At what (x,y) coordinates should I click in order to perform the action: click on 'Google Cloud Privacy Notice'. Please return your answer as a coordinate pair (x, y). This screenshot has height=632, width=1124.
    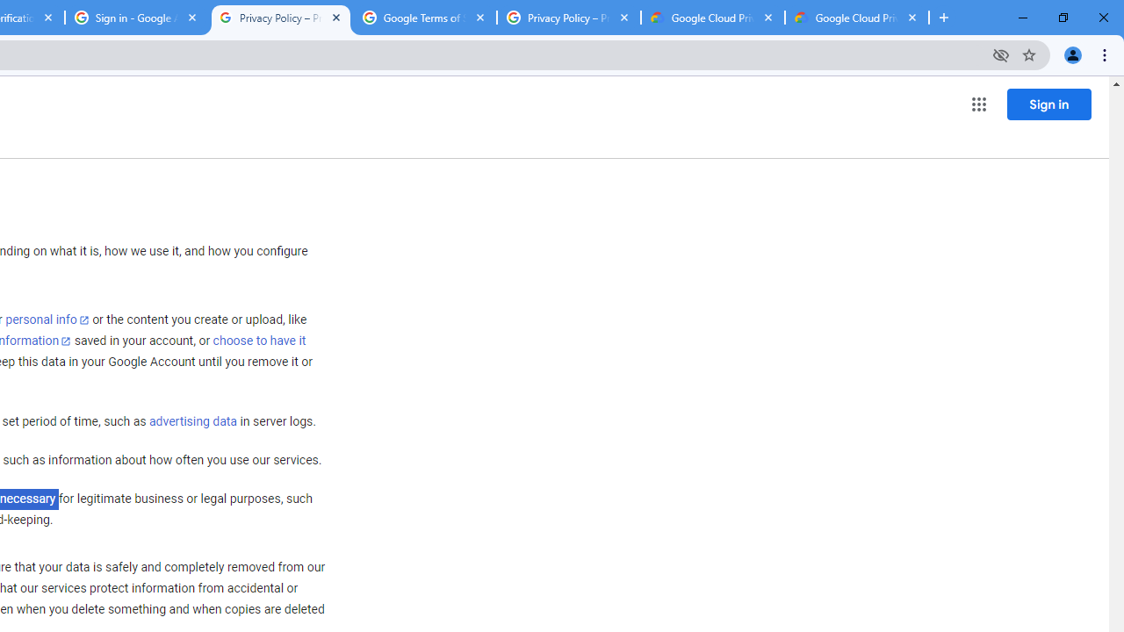
    Looking at the image, I should click on (712, 18).